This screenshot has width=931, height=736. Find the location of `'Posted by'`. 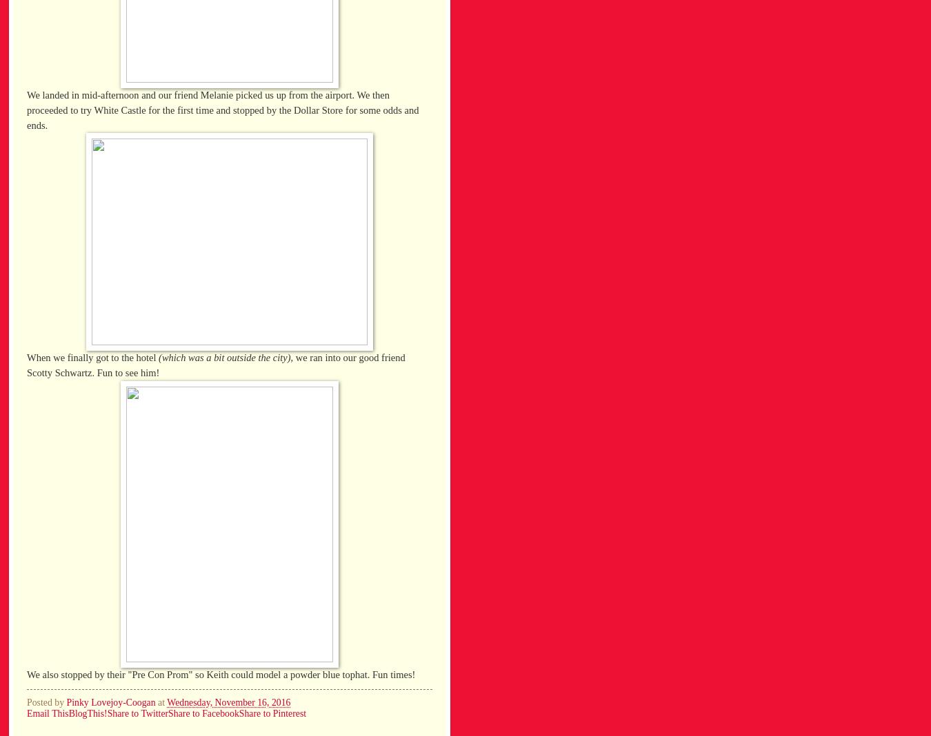

'Posted by' is located at coordinates (46, 702).